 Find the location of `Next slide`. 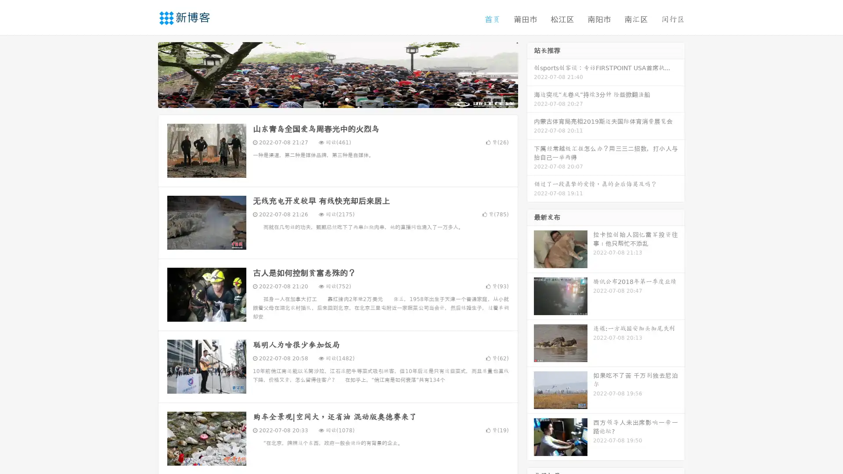

Next slide is located at coordinates (530, 74).